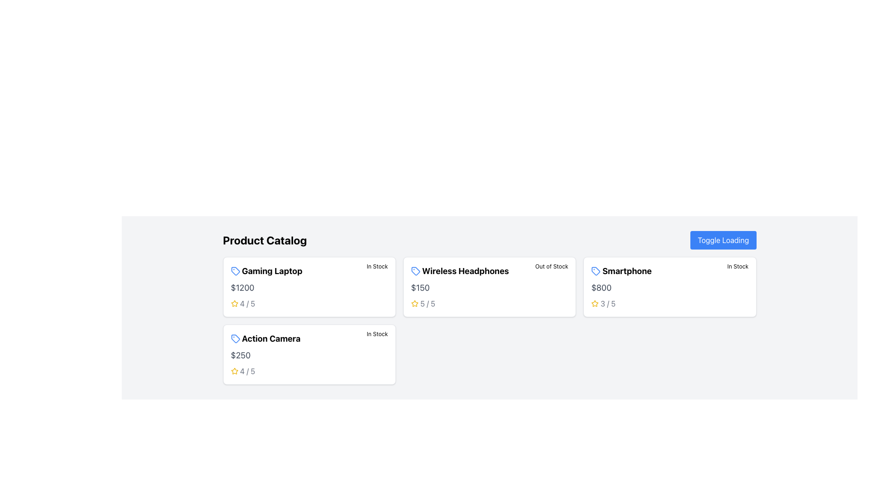 Image resolution: width=889 pixels, height=500 pixels. I want to click on the first star icon in the rating section of the 'Action Camera' product card located in the bottom-left corner of the product catalog grid, so click(234, 370).